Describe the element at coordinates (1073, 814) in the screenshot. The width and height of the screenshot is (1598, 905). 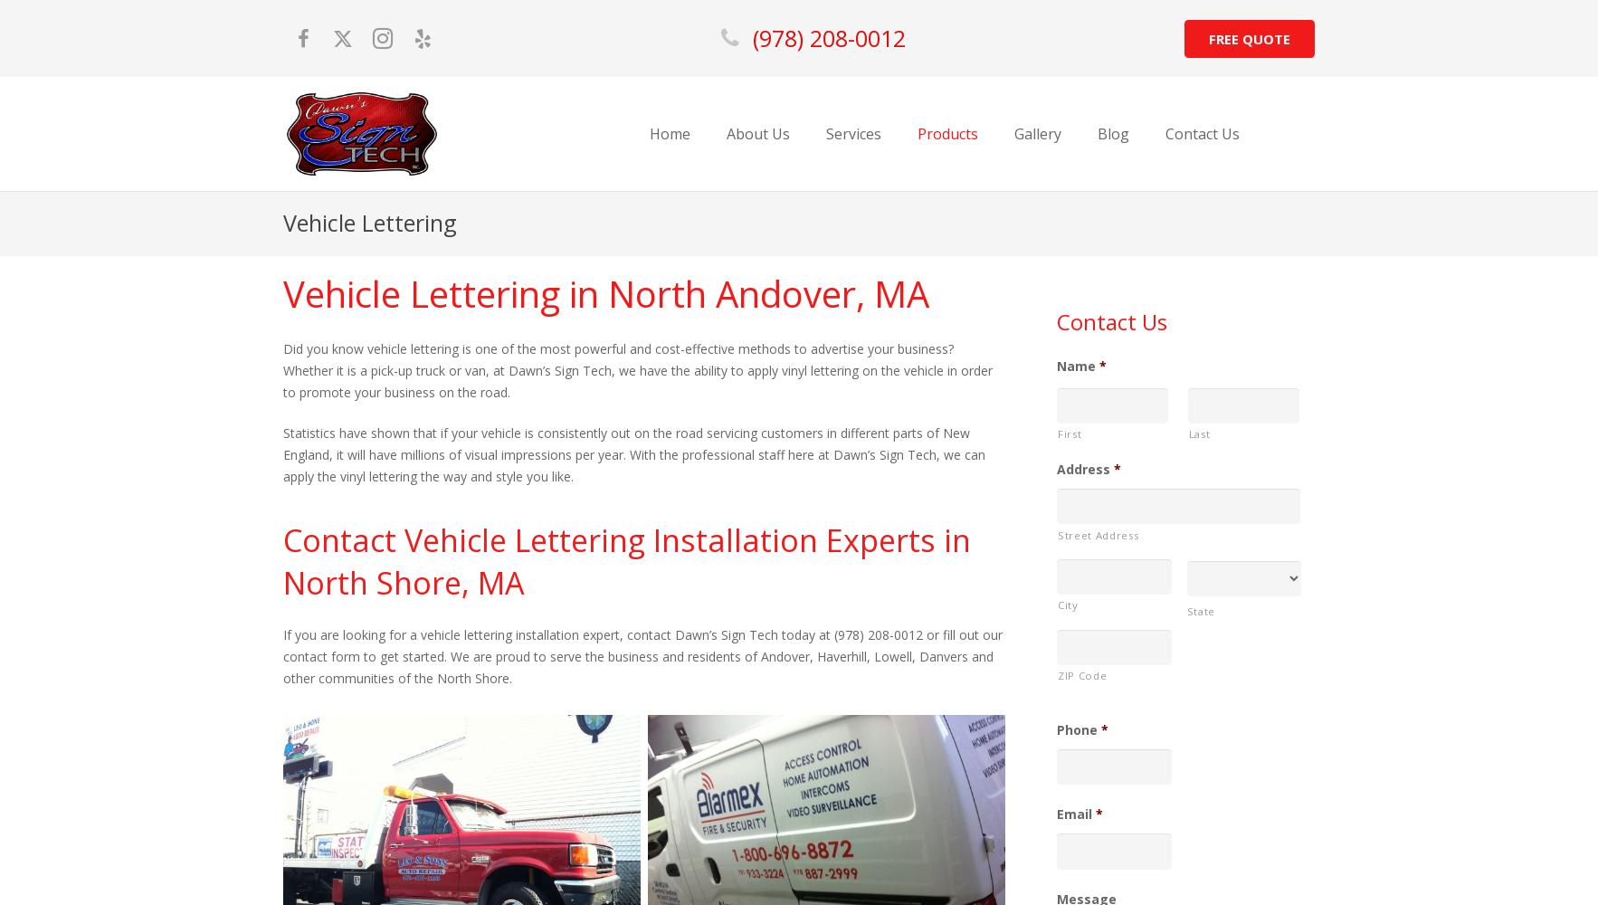
I see `'Email'` at that location.